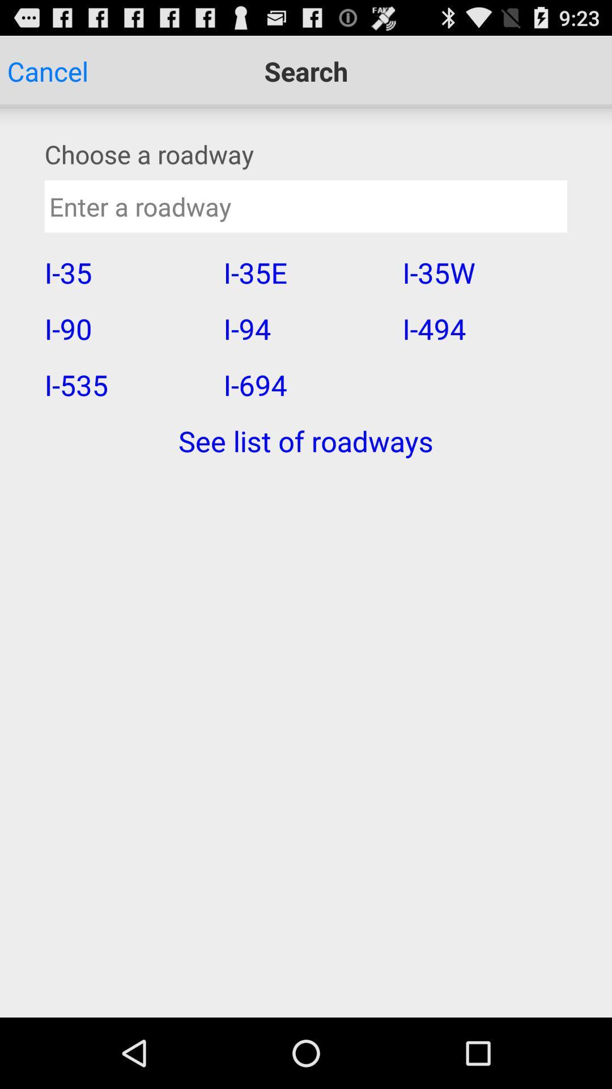 The height and width of the screenshot is (1089, 612). Describe the element at coordinates (126, 328) in the screenshot. I see `the item below i-35 app` at that location.